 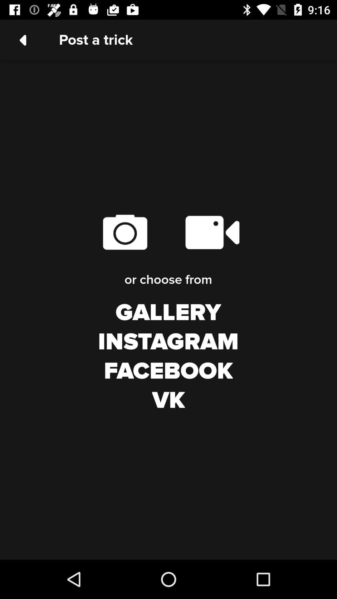 I want to click on take a photo, so click(x=125, y=232).